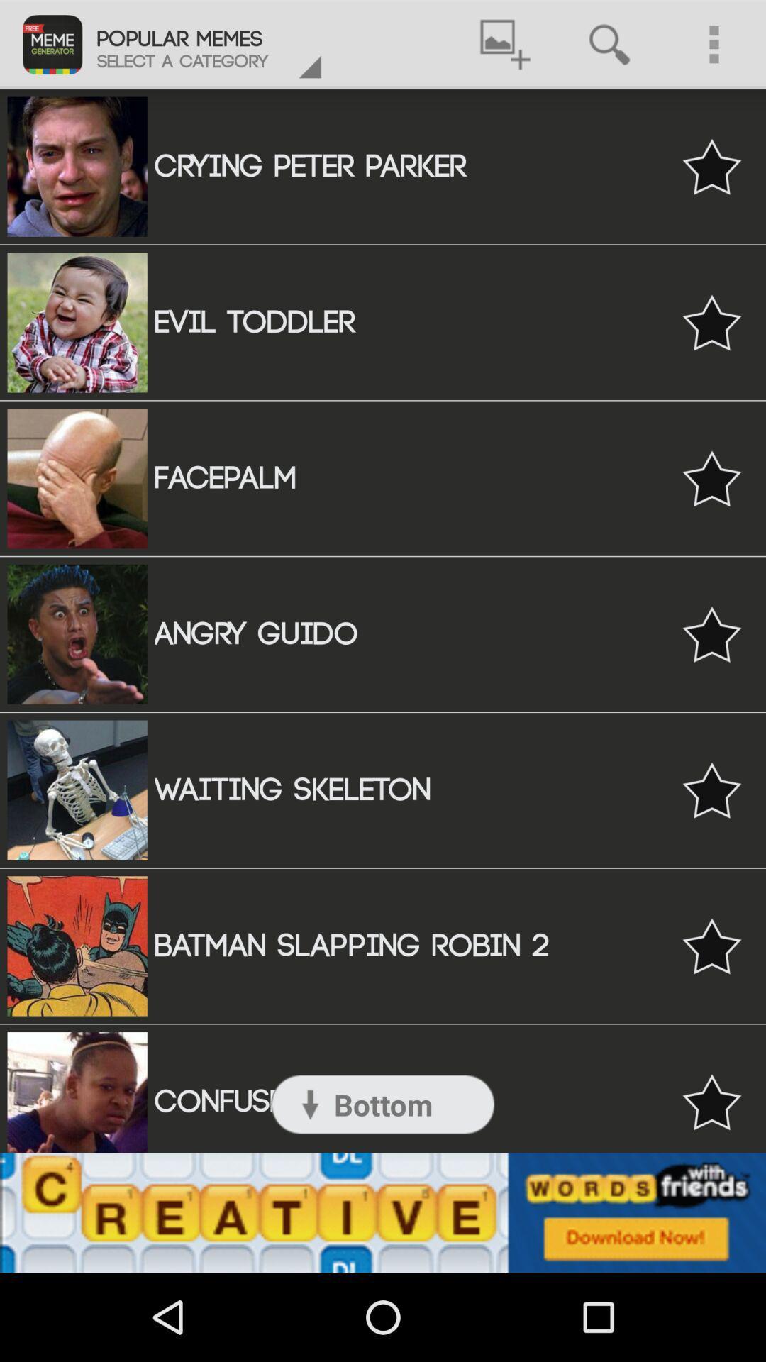 The image size is (766, 1362). Describe the element at coordinates (711, 1101) in the screenshot. I see `to favels` at that location.